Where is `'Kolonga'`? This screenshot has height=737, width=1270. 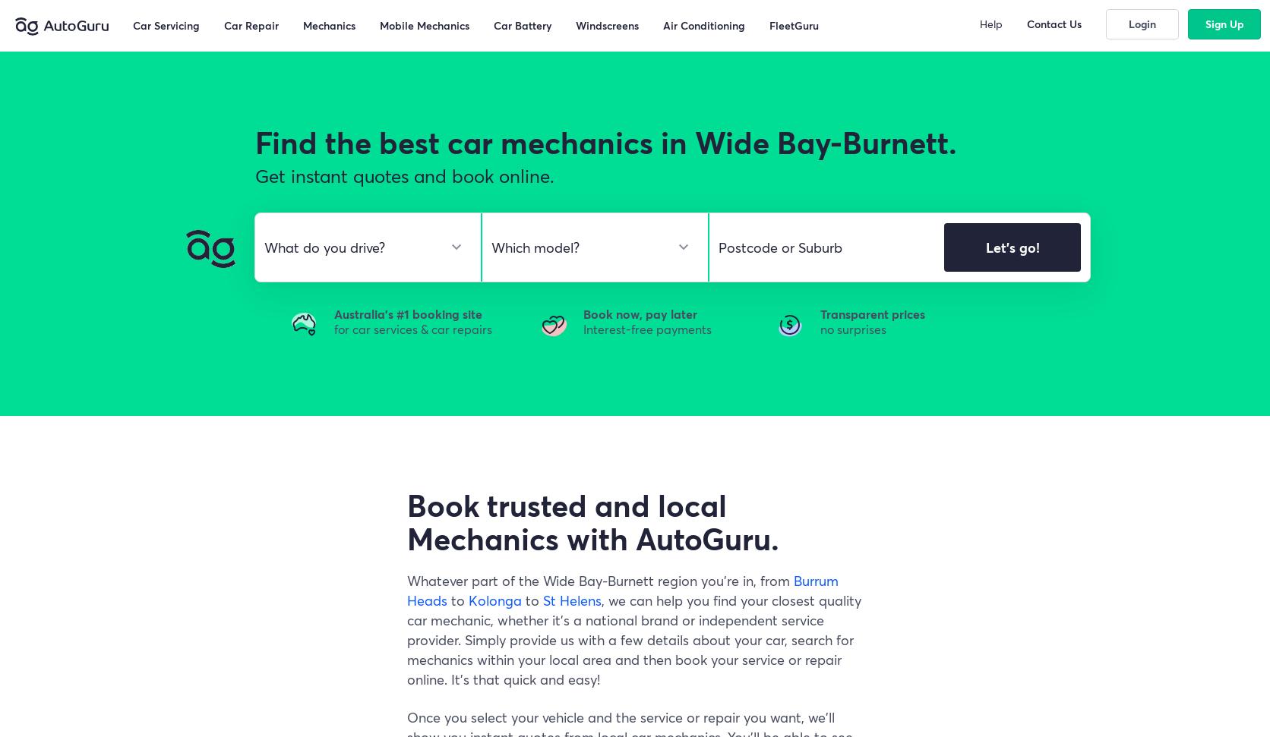
'Kolonga' is located at coordinates (495, 600).